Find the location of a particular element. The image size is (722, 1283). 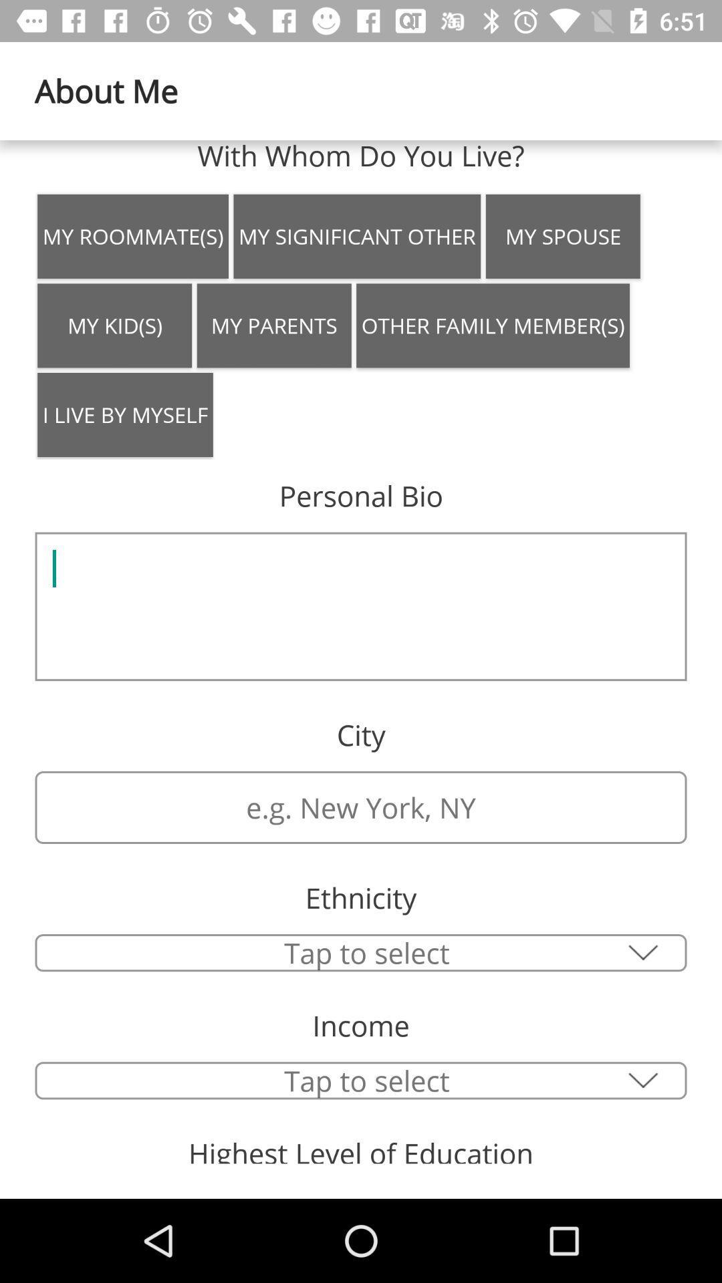

icon above other family member is located at coordinates (563, 237).